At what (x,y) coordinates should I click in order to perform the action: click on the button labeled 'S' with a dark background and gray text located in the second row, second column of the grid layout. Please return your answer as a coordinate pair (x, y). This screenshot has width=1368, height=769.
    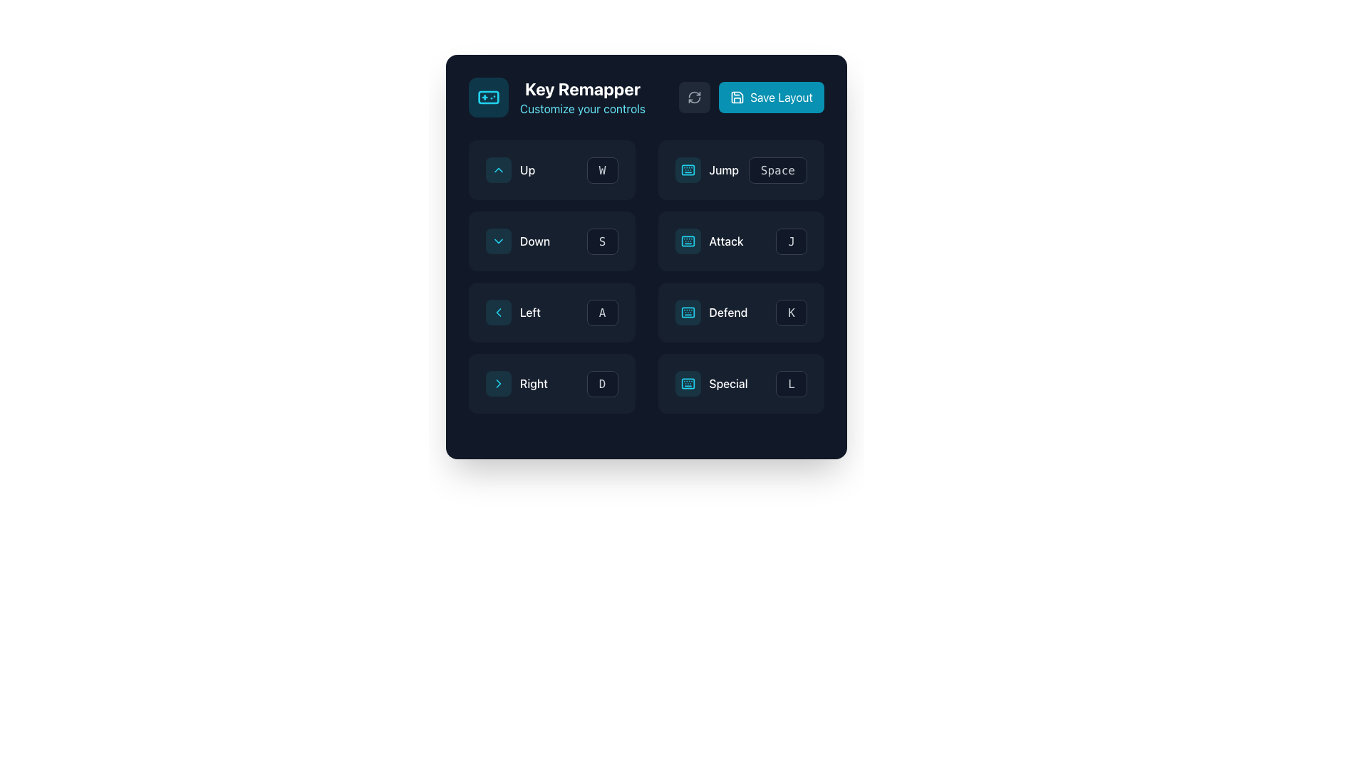
    Looking at the image, I should click on (602, 241).